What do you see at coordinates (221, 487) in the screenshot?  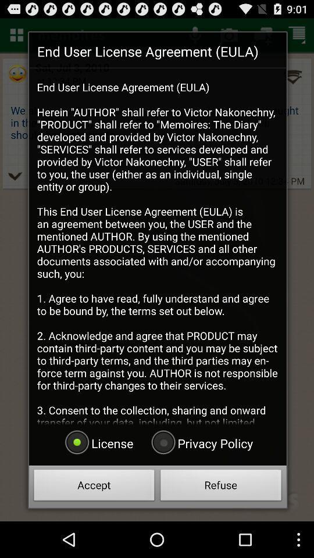 I see `refuse at the bottom right corner` at bounding box center [221, 487].